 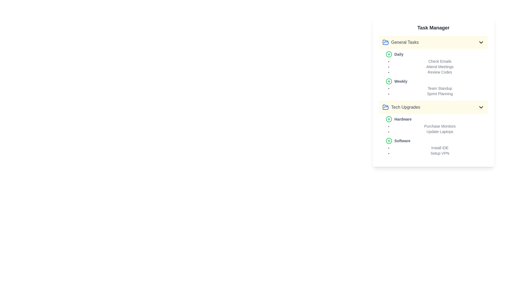 I want to click on the green circular icon button with a plus sign located to the left of the 'Weekly' text in the 'General Tasks' section, second under the 'Daily' item, so click(x=389, y=81).